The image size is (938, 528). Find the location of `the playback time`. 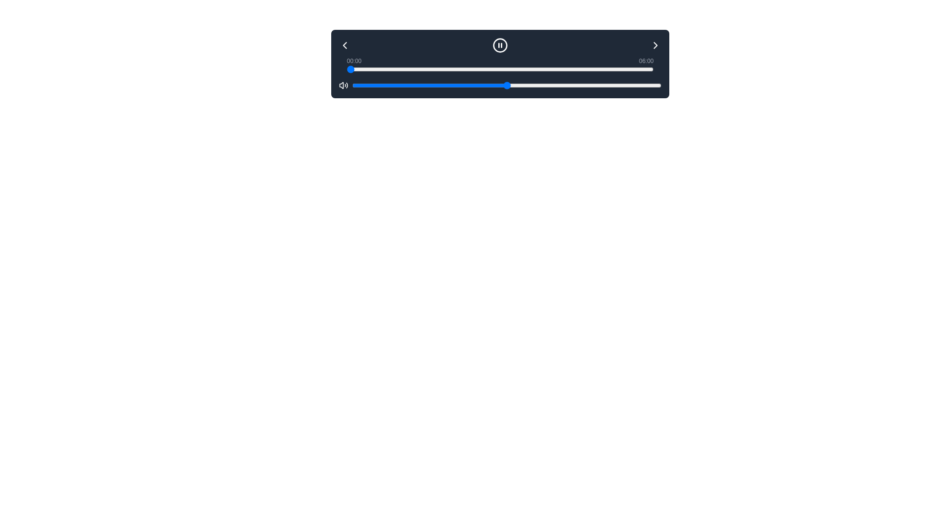

the playback time is located at coordinates (426, 69).